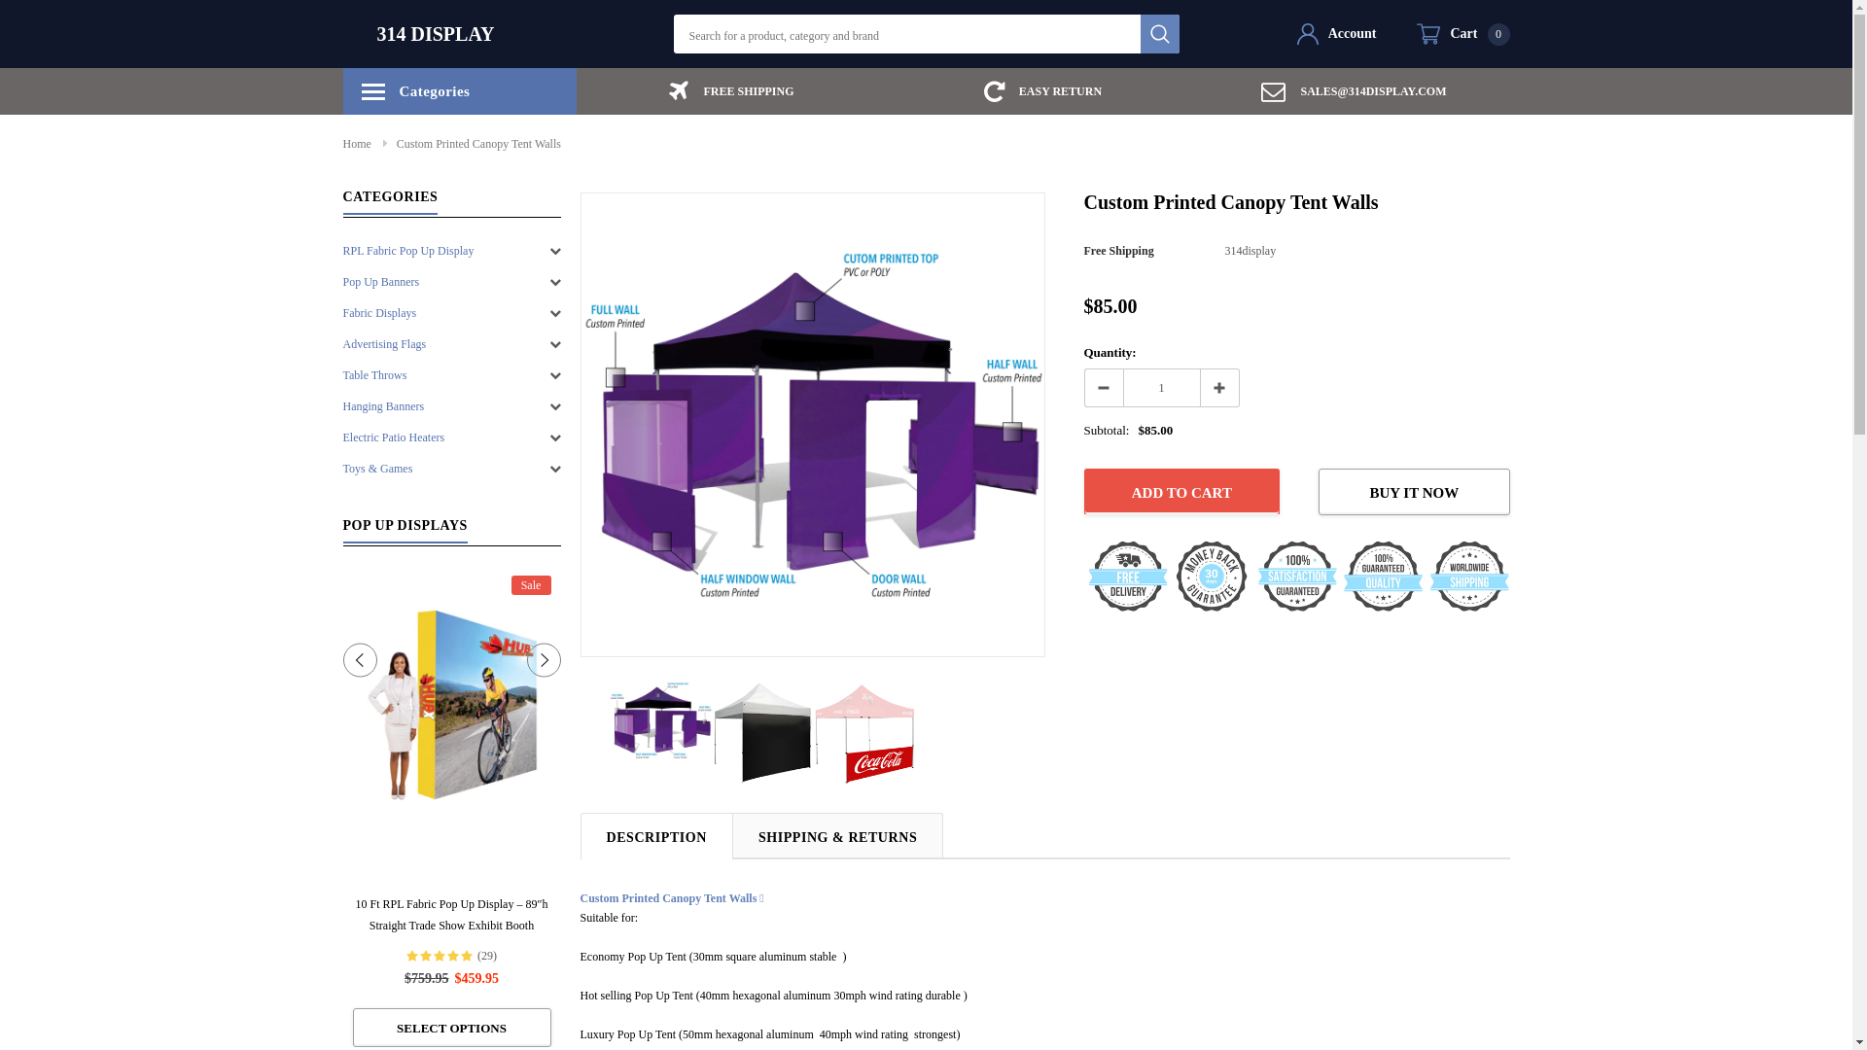  What do you see at coordinates (730, 91) in the screenshot?
I see `'FREE SHIPPING'` at bounding box center [730, 91].